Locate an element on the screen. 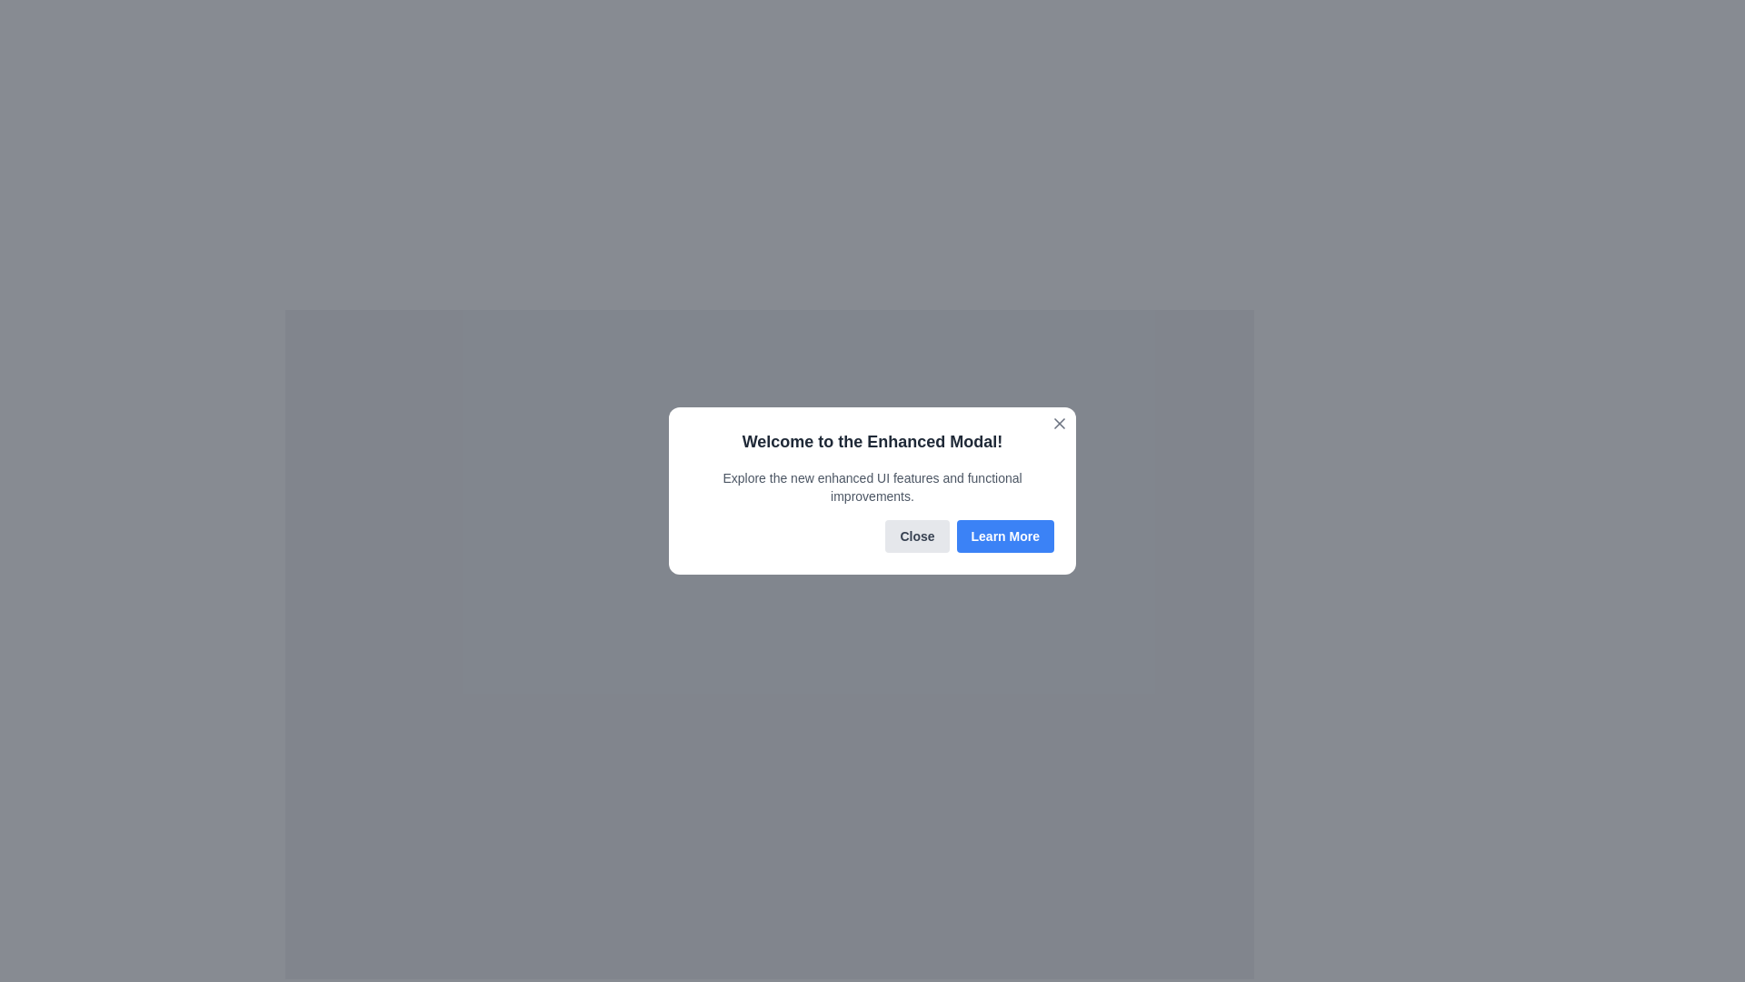 The width and height of the screenshot is (1745, 982). the Close button represented as an 'X' icon located at the top-right corner of the modal dialog box is located at coordinates (1060, 424).